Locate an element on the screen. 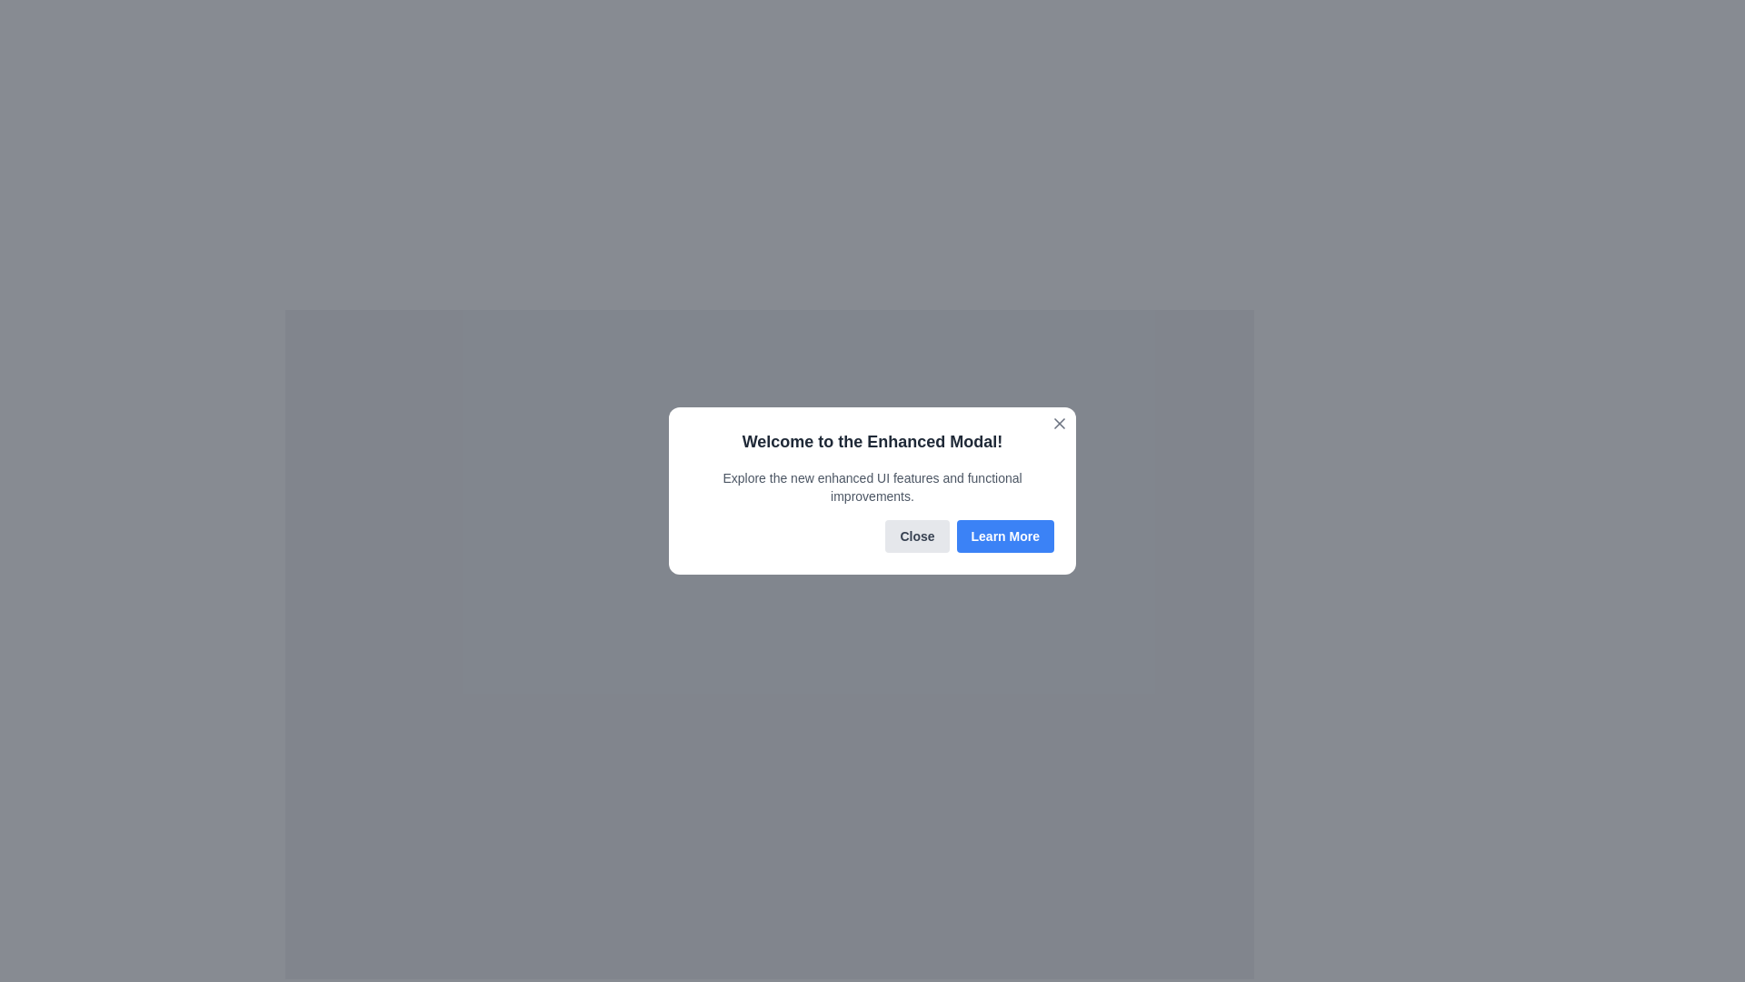 The width and height of the screenshot is (1745, 982). the Close button represented as an 'X' icon located at the top-right corner of the modal dialog box is located at coordinates (1060, 424).